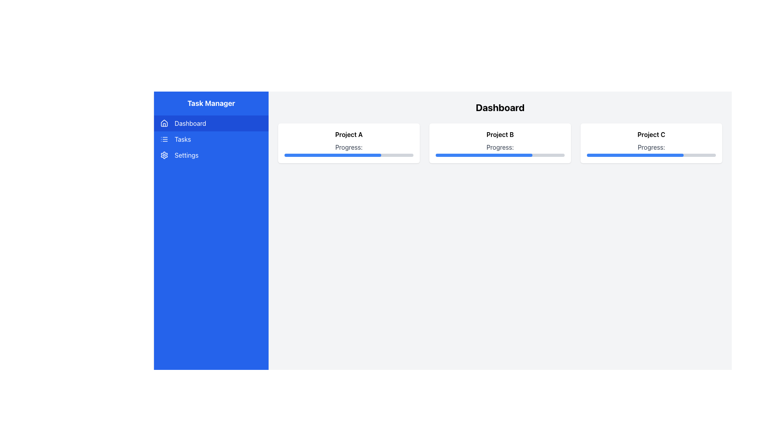  I want to click on the text label displaying 'Progress:' in medium gray color, located centrally in the card labeled 'Project B', positioned above the progress bar, so click(500, 149).